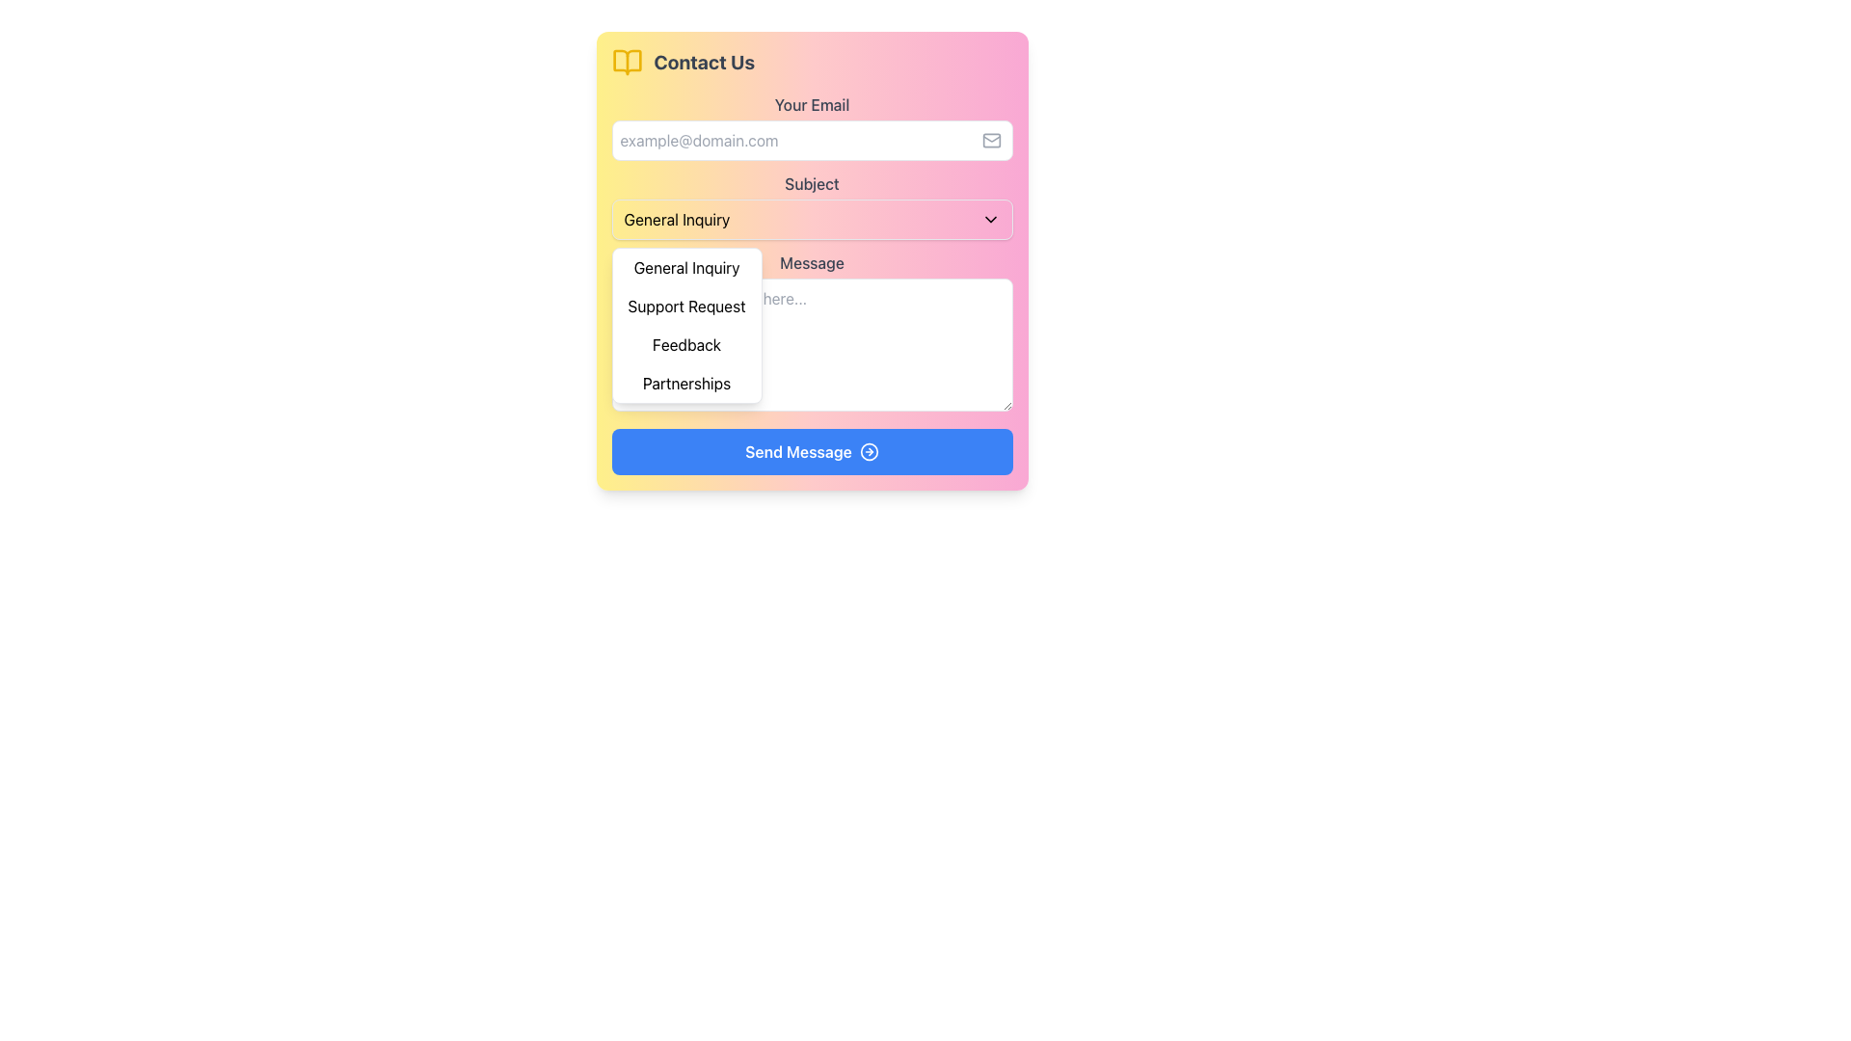 Image resolution: width=1851 pixels, height=1041 pixels. Describe the element at coordinates (868, 452) in the screenshot. I see `the message sending icon located on the far-right side of the 'Send Message' button within the contact form` at that location.